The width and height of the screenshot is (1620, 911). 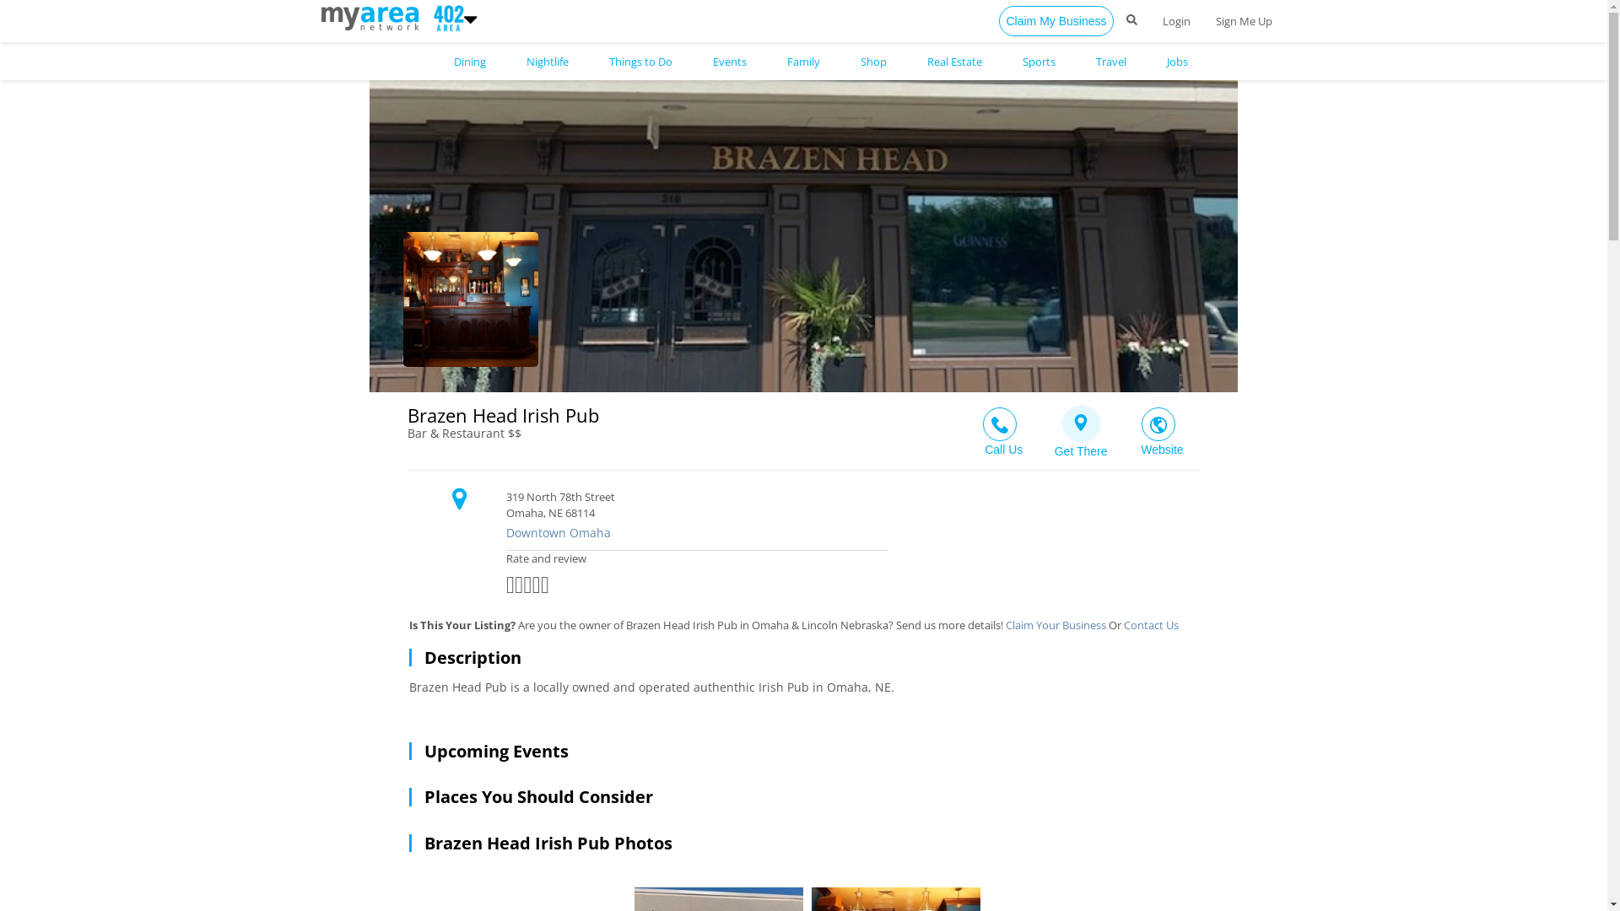 What do you see at coordinates (1038, 61) in the screenshot?
I see `'Sports'` at bounding box center [1038, 61].